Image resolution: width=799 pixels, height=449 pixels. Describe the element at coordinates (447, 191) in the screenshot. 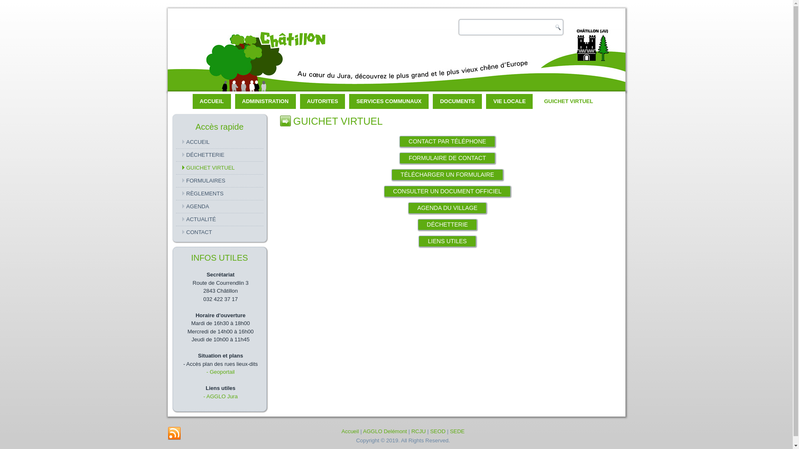

I see `'CONSULTER UN DOCUMENT OFFICIEL'` at that location.